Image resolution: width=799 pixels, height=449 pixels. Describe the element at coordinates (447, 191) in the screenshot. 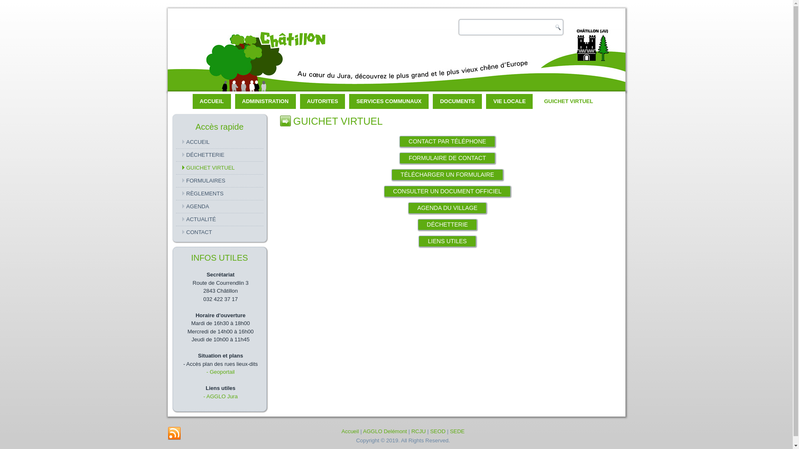

I see `'CONSULTER UN DOCUMENT OFFICIEL'` at that location.